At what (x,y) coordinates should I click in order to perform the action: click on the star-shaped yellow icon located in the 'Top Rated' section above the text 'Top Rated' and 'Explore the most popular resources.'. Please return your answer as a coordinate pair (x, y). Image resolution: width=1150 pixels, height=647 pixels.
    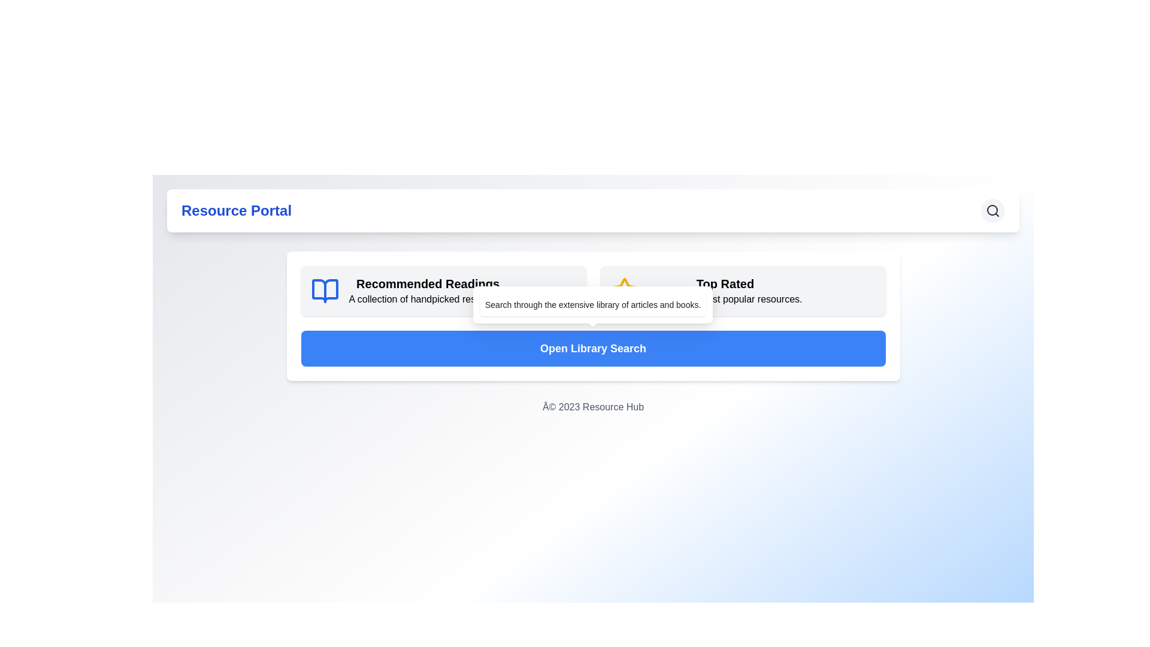
    Looking at the image, I should click on (624, 291).